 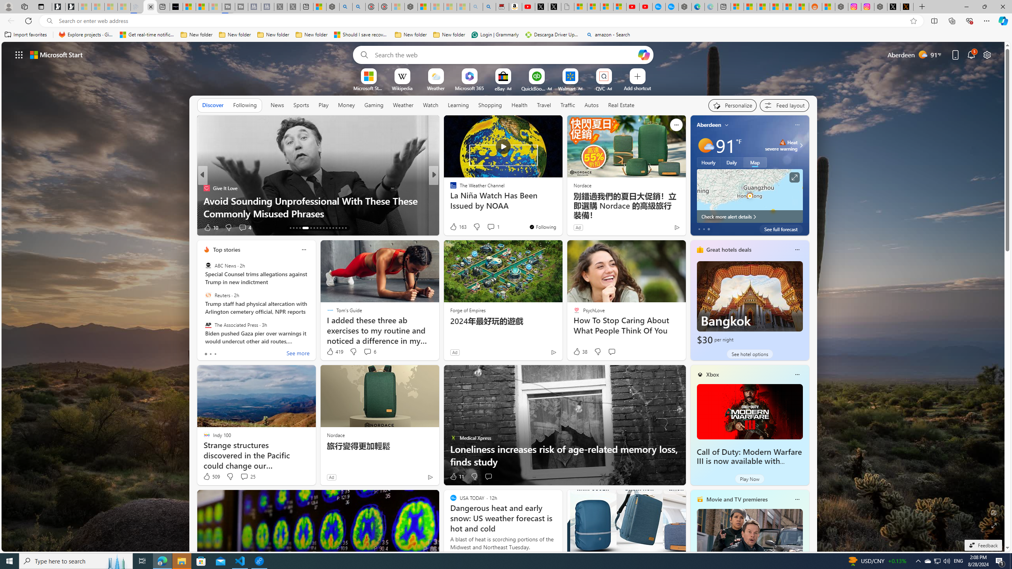 What do you see at coordinates (449, 187) in the screenshot?
I see `'Alternet'` at bounding box center [449, 187].